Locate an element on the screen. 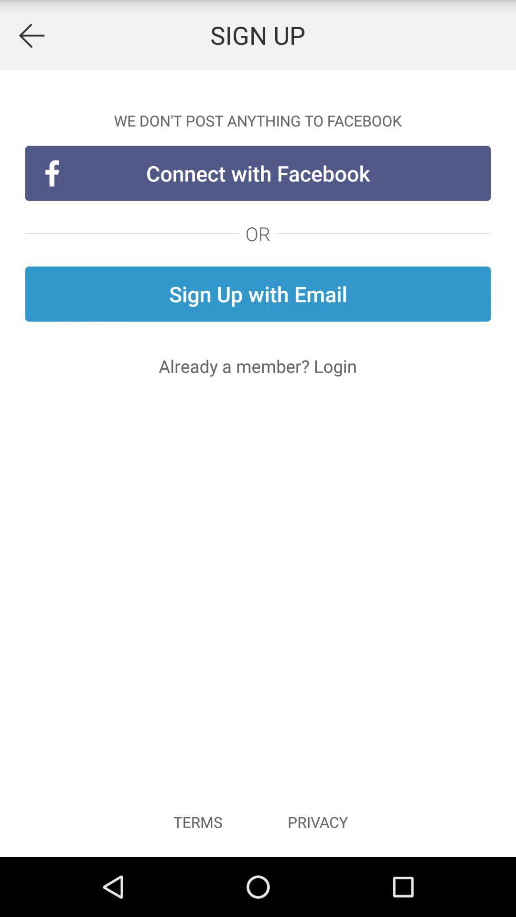 The width and height of the screenshot is (516, 917). return to previous screen is located at coordinates (31, 35).